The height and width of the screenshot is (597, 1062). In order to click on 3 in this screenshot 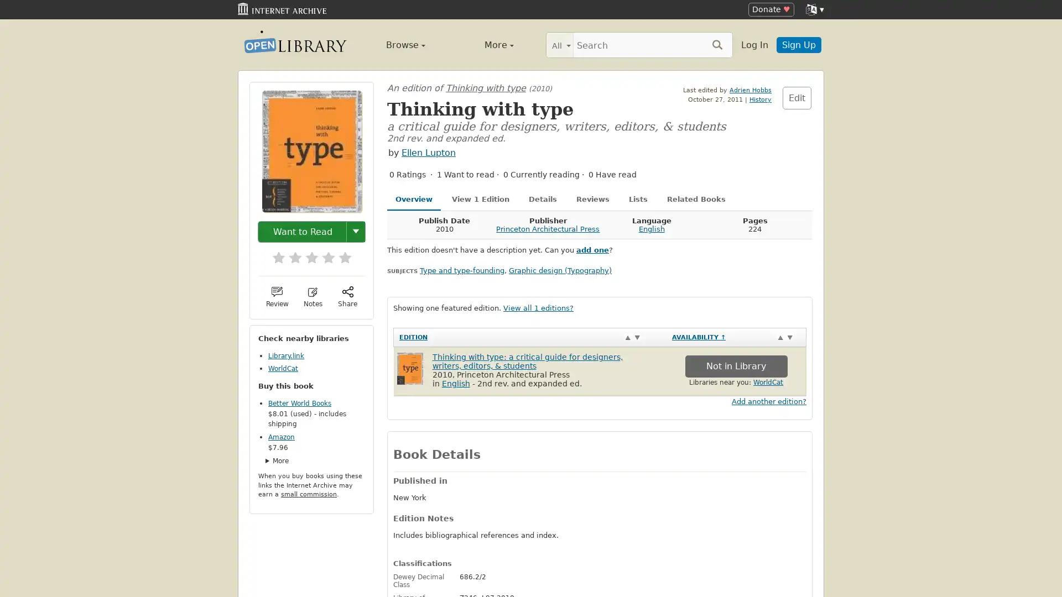, I will do `click(306, 254)`.